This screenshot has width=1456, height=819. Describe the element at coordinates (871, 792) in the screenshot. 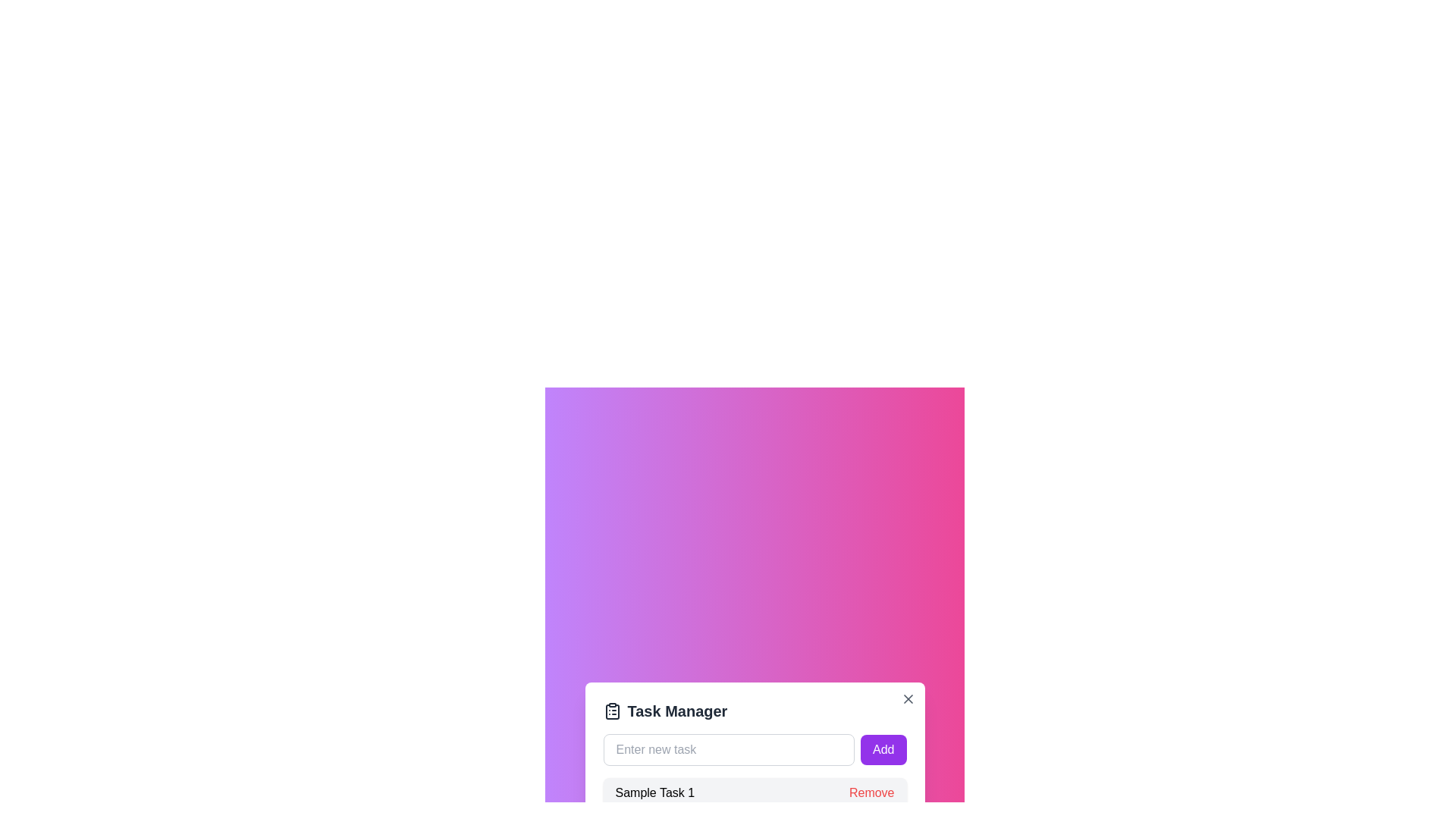

I see `the button located at the far right of the row` at that location.